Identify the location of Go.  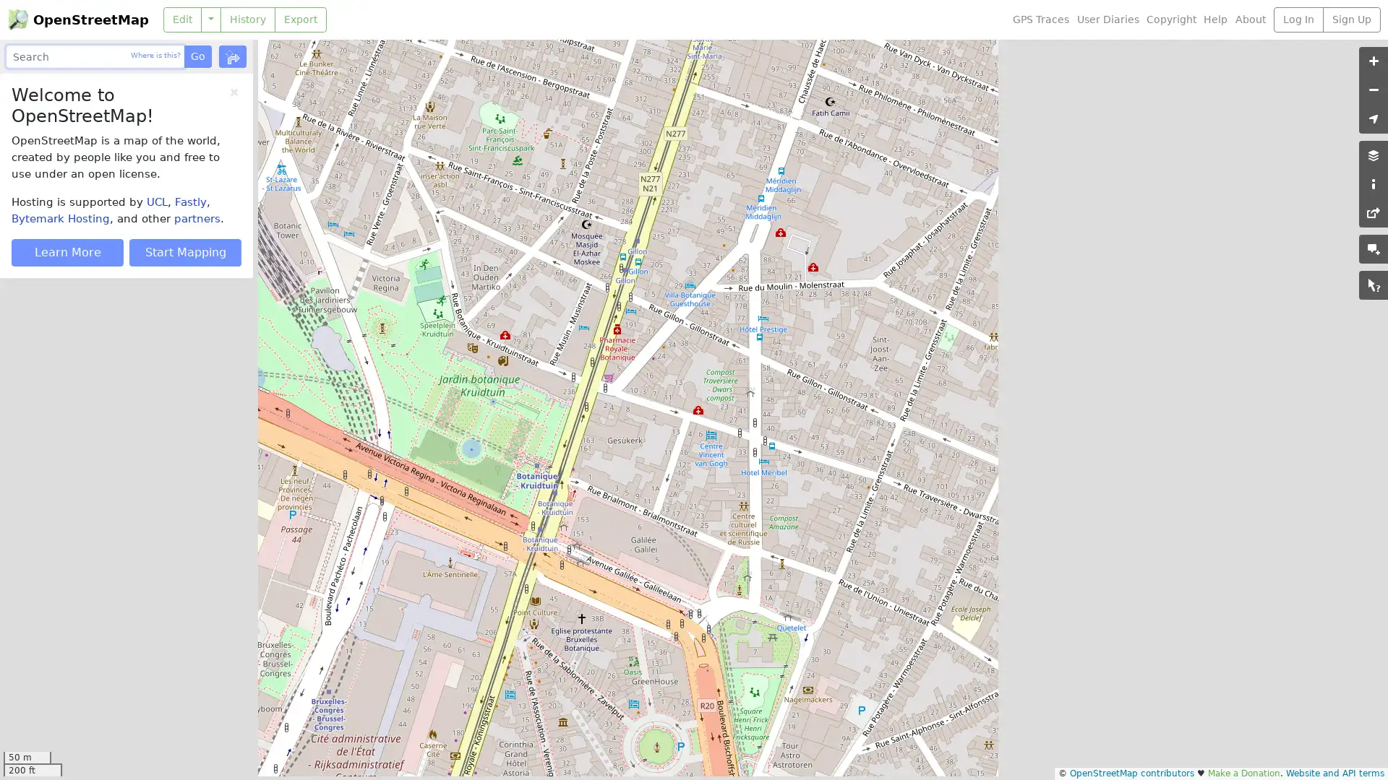
(197, 56).